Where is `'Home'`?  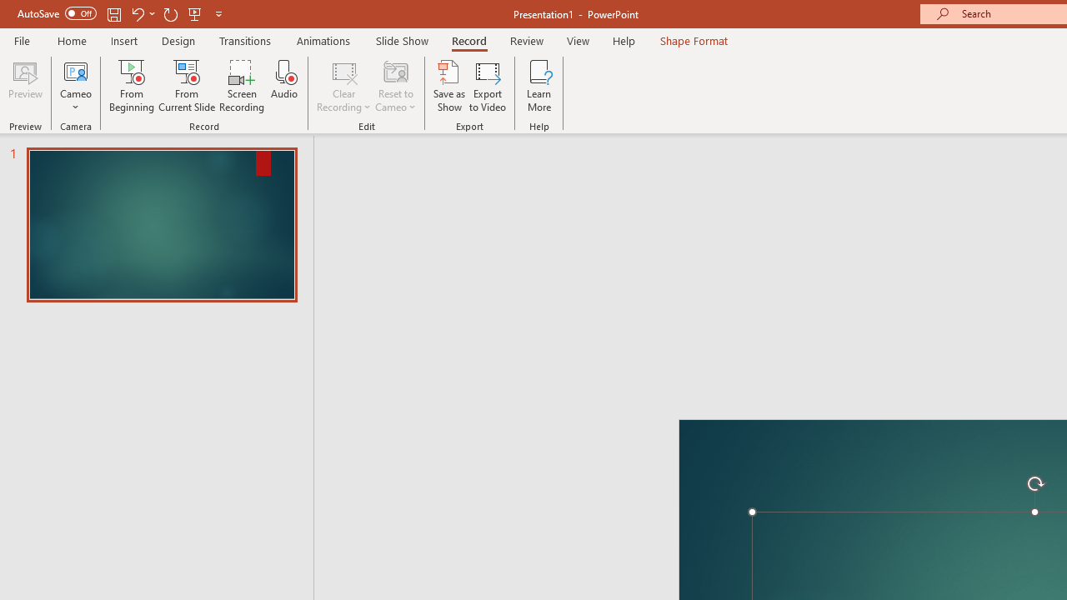 'Home' is located at coordinates (71, 40).